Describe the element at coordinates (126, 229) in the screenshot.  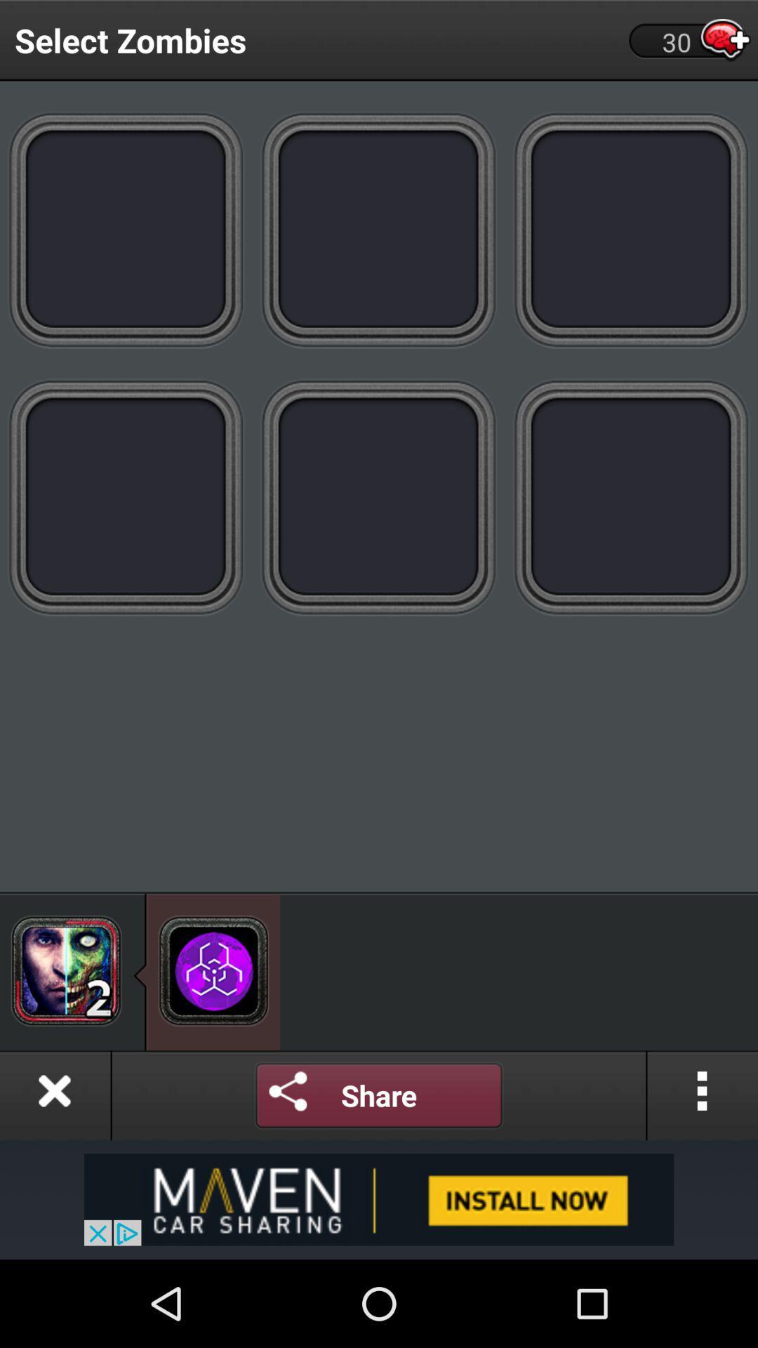
I see `image screen` at that location.